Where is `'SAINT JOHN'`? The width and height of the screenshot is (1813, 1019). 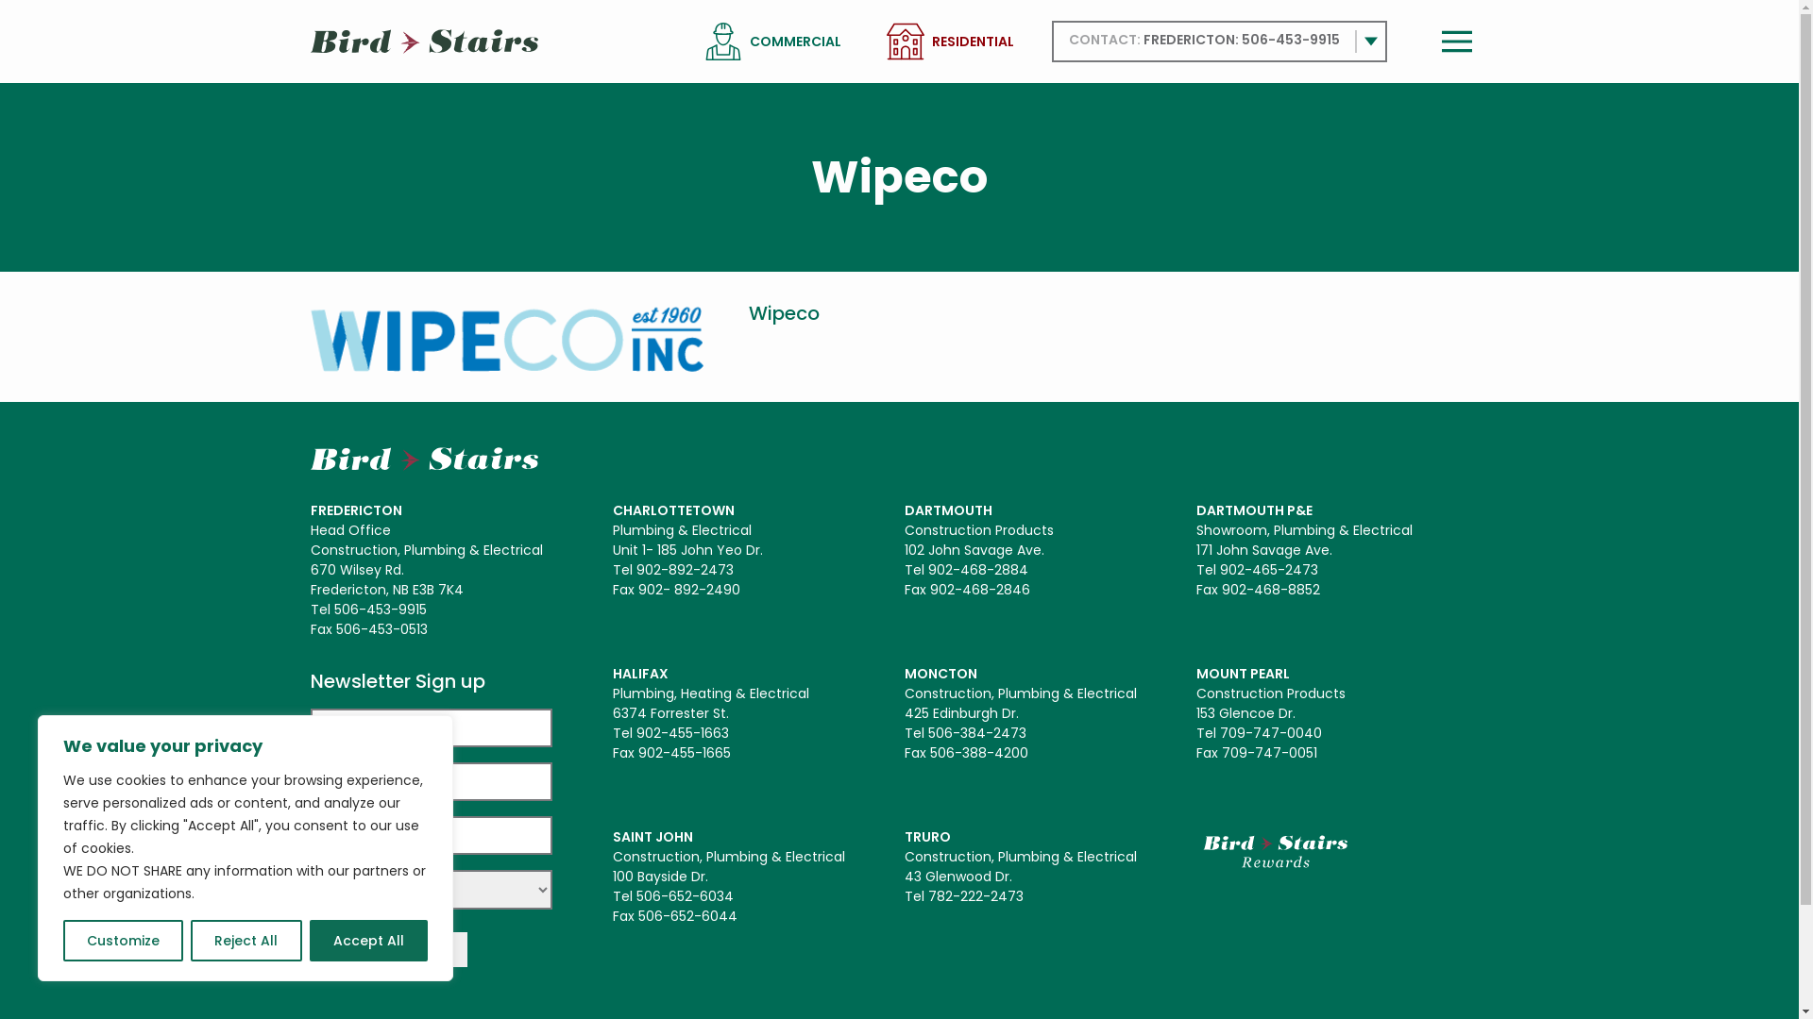
'SAINT JOHN' is located at coordinates (652, 836).